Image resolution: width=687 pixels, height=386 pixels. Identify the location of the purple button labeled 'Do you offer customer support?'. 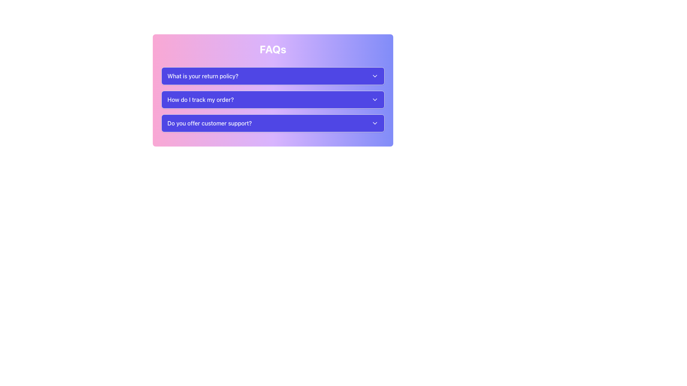
(273, 123).